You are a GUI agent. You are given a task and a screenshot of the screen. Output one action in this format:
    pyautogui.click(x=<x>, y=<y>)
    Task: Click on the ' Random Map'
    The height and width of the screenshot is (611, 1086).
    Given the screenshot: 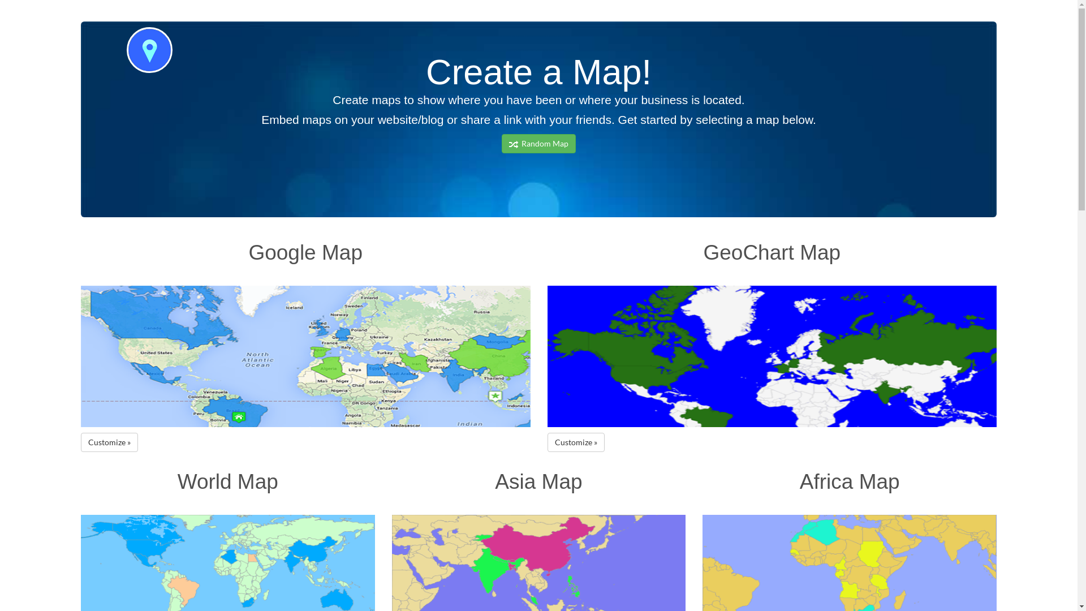 What is the action you would take?
    pyautogui.click(x=538, y=143)
    